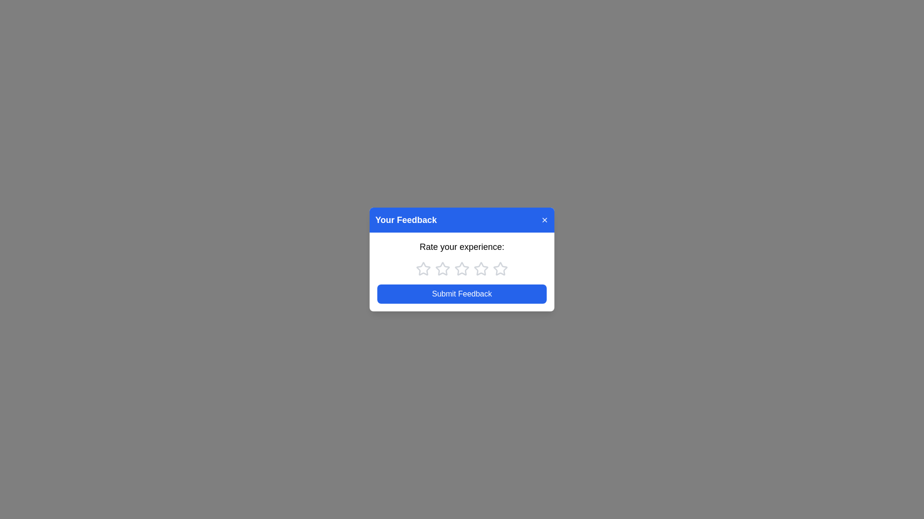  Describe the element at coordinates (545, 220) in the screenshot. I see `the close button to close the dialog` at that location.